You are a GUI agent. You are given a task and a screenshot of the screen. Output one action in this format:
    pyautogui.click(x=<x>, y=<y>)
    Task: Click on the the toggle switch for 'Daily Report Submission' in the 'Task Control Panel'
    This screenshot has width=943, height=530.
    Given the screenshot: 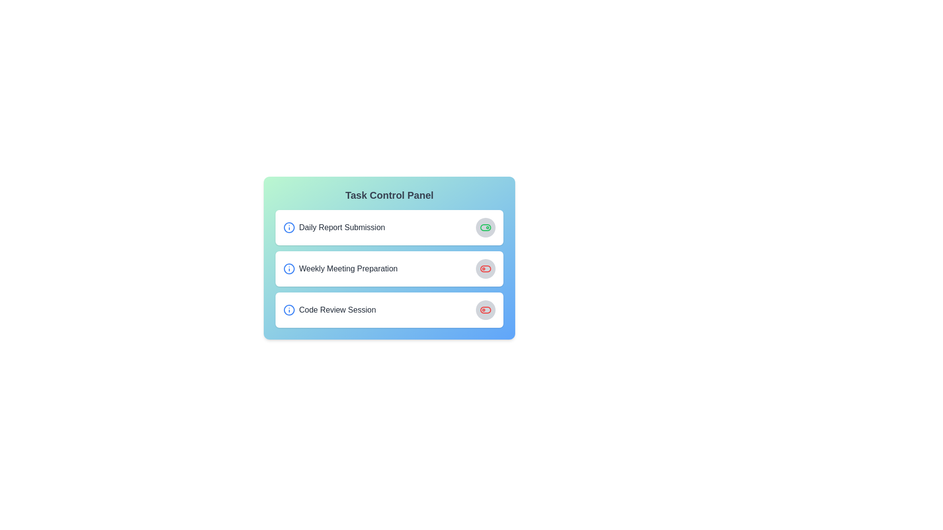 What is the action you would take?
    pyautogui.click(x=485, y=227)
    